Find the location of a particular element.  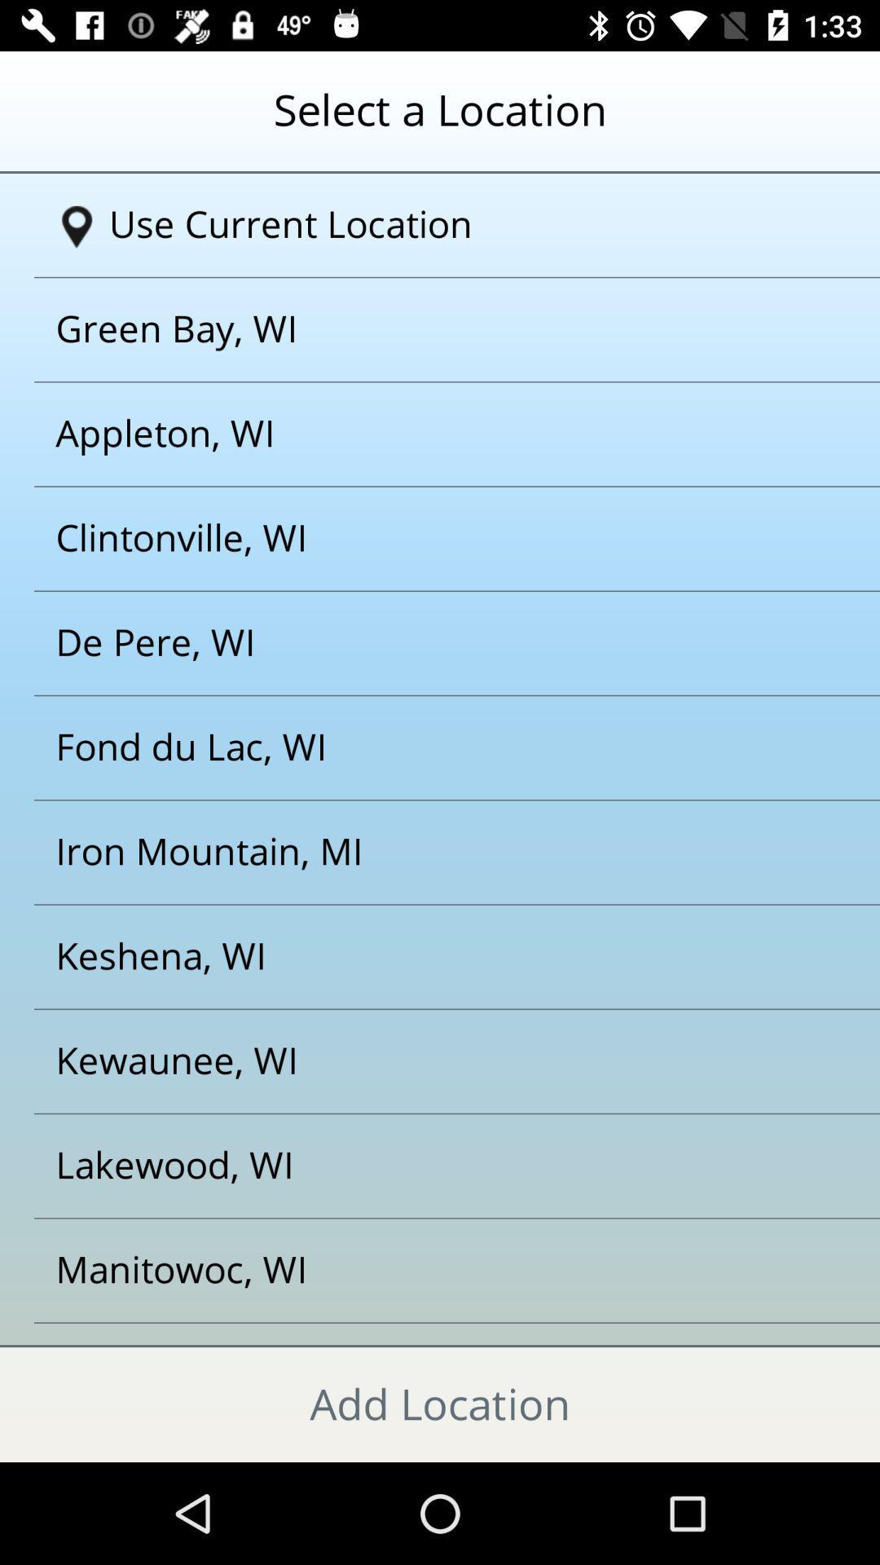

the locator icon is located at coordinates (77, 226).